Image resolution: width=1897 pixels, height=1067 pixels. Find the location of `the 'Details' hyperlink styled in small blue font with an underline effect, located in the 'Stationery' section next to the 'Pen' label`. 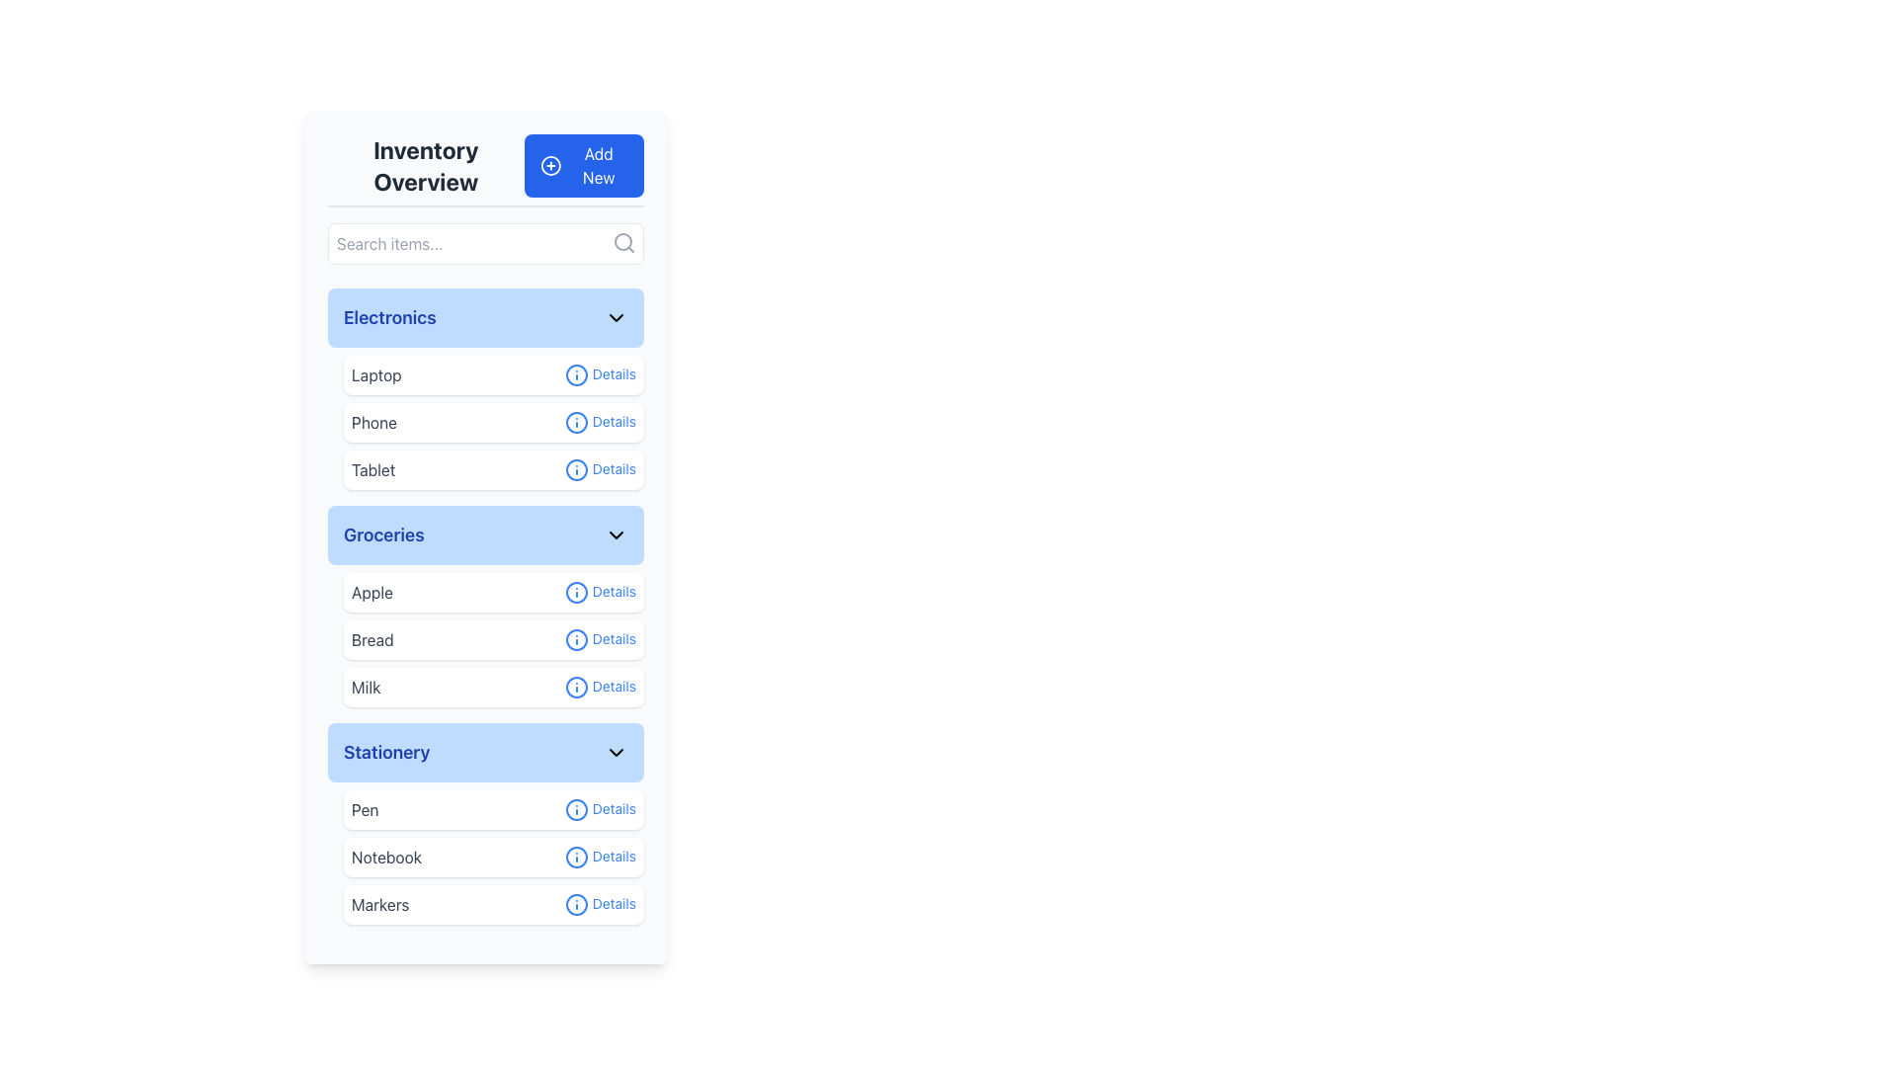

the 'Details' hyperlink styled in small blue font with an underline effect, located in the 'Stationery' section next to the 'Pen' label is located at coordinates (599, 810).